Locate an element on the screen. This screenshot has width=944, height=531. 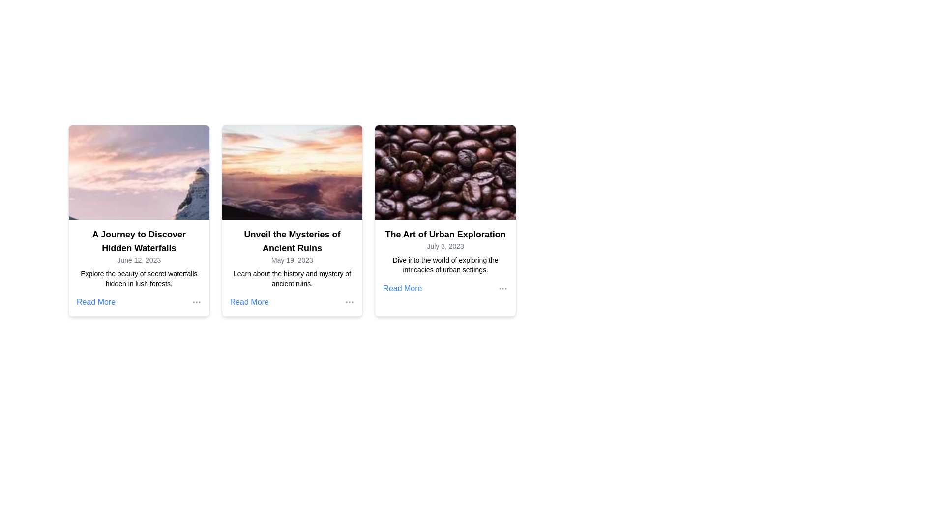
the image thumbnail located at the top of the card titled 'The Art of Urban Exploration' is located at coordinates (445, 172).